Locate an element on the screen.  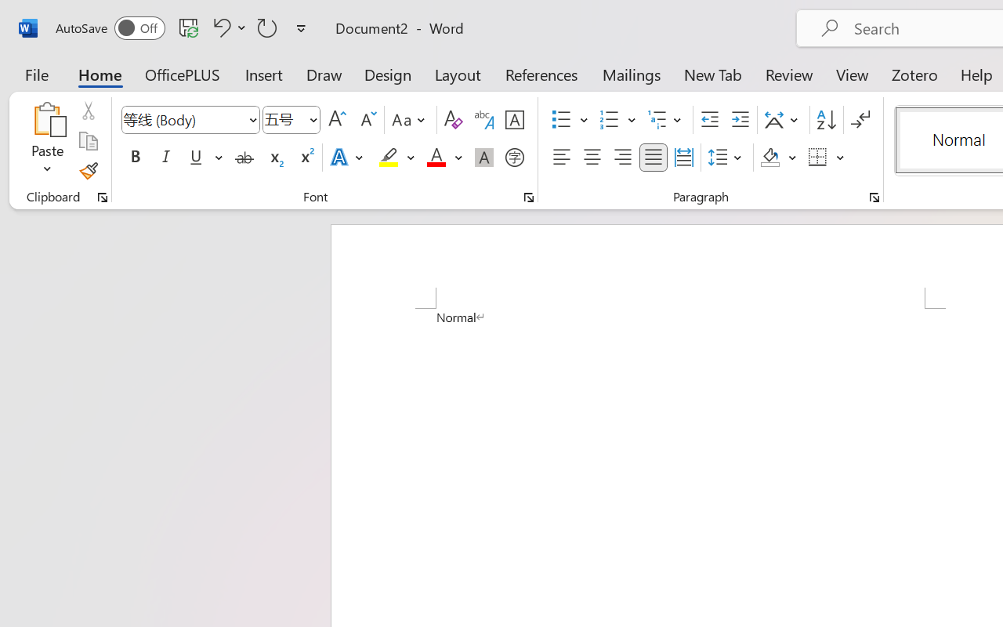
'Bold' is located at coordinates (135, 158).